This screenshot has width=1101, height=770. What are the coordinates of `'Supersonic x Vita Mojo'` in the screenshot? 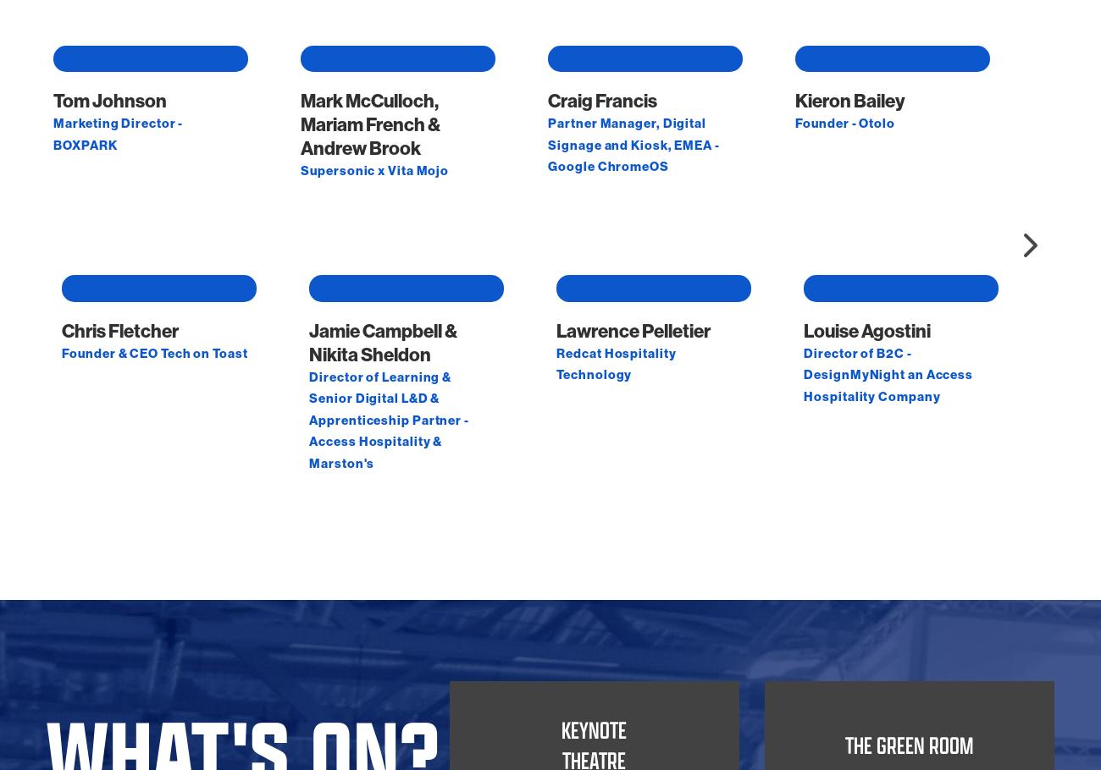 It's located at (373, 337).